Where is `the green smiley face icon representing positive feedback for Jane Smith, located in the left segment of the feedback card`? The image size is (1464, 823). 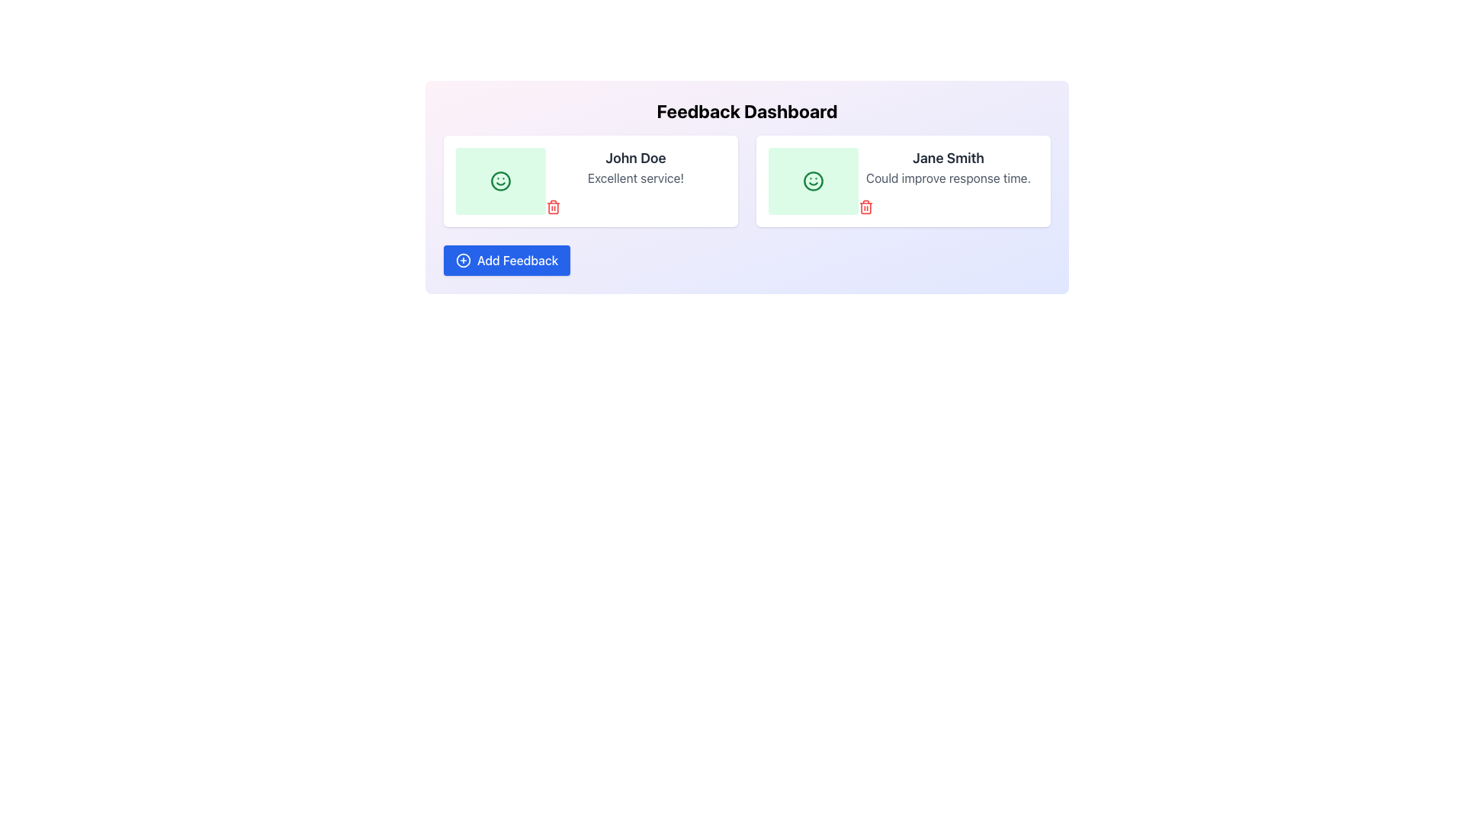
the green smiley face icon representing positive feedback for Jane Smith, located in the left segment of the feedback card is located at coordinates (812, 181).